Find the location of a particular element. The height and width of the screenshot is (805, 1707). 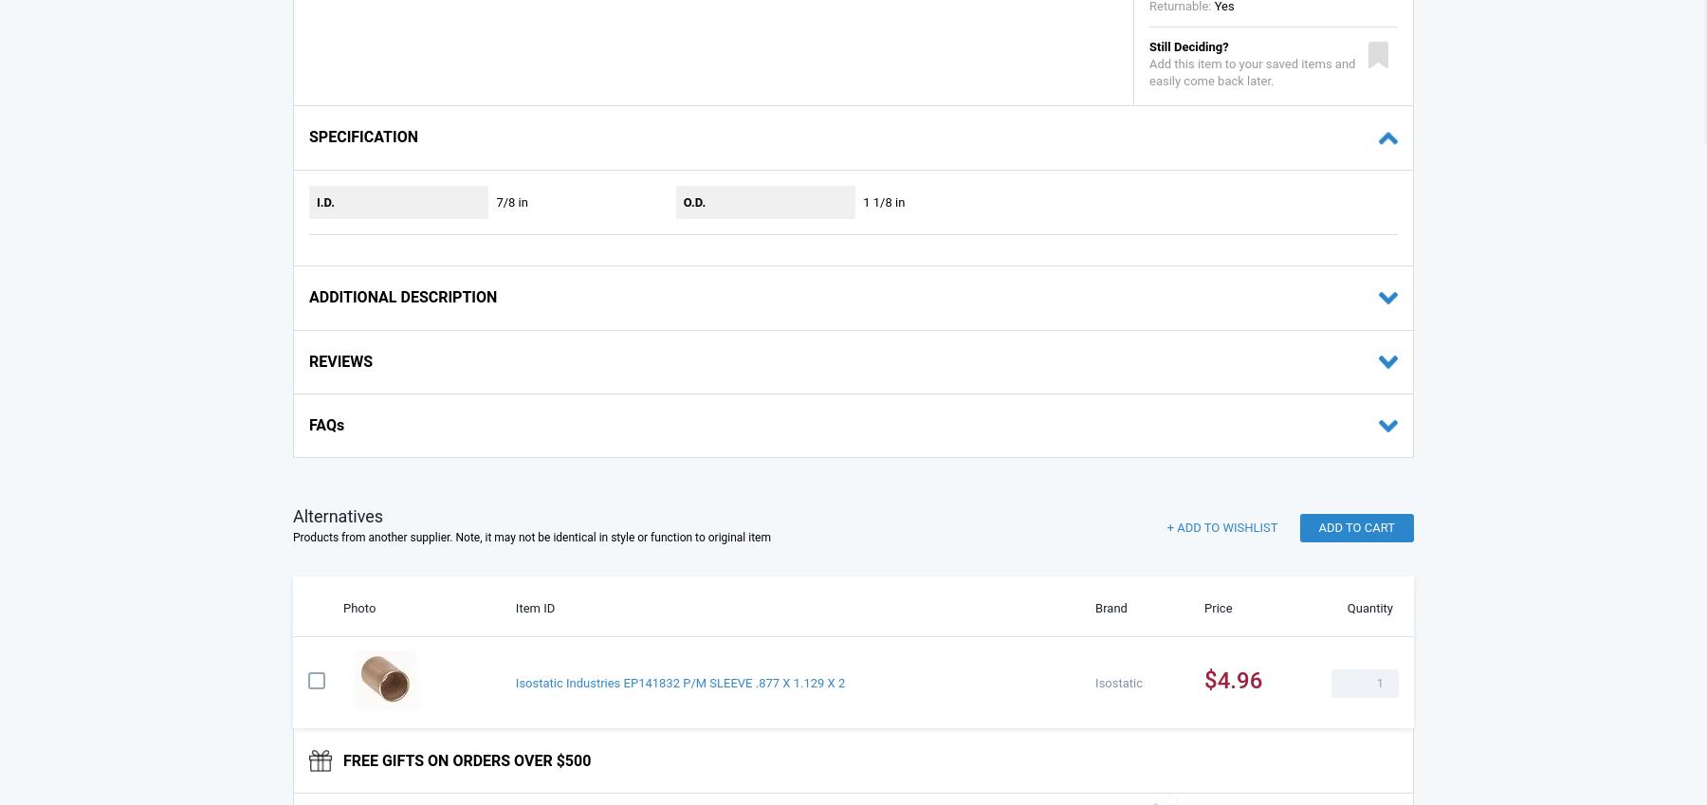

'Brand' is located at coordinates (1110, 607).